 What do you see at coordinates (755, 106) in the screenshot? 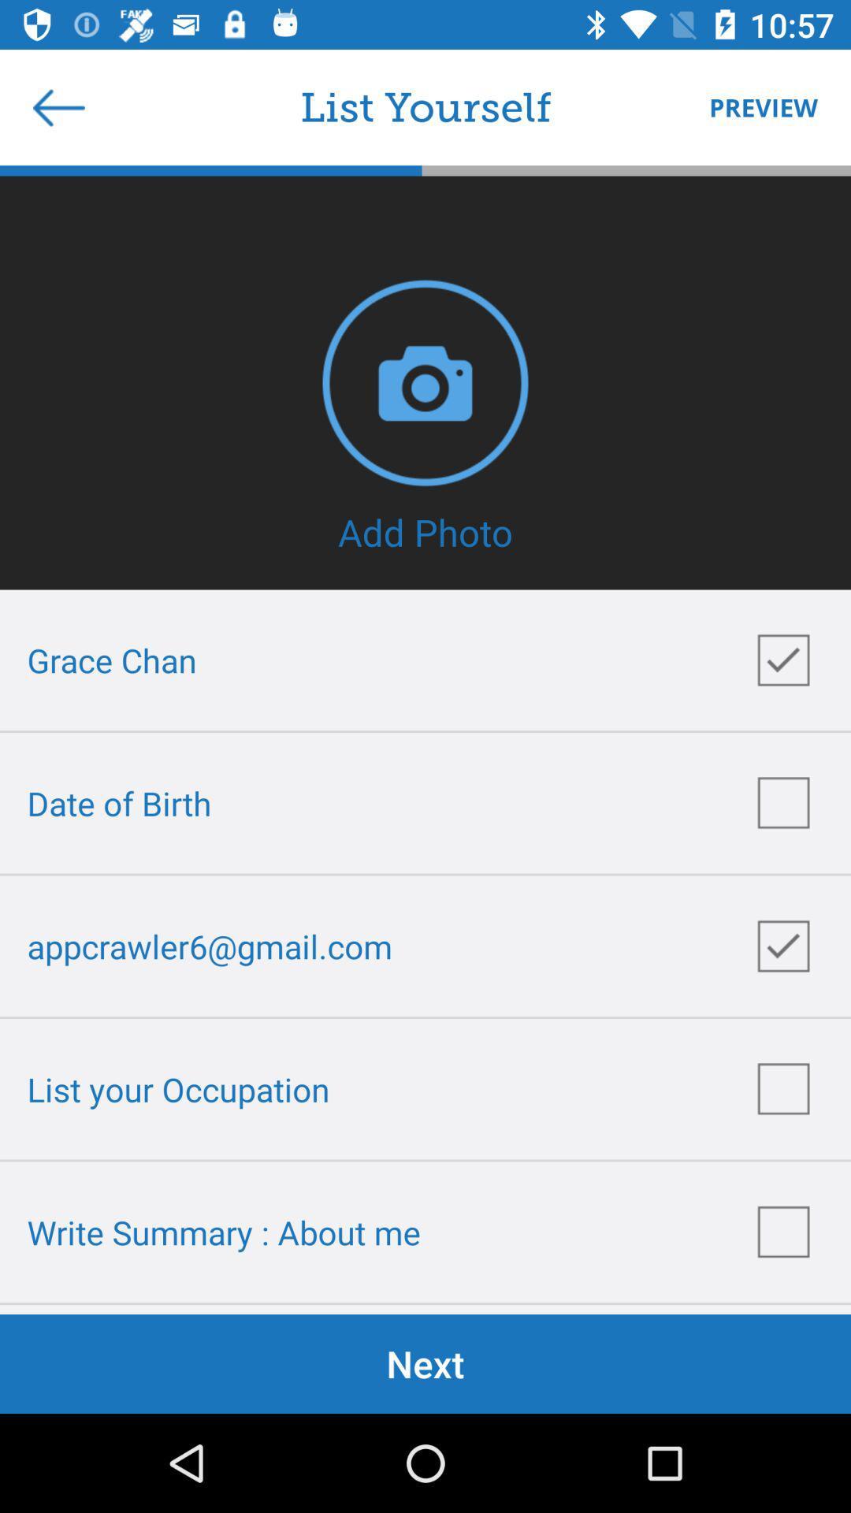
I see `the item to the right of the list yourself icon` at bounding box center [755, 106].